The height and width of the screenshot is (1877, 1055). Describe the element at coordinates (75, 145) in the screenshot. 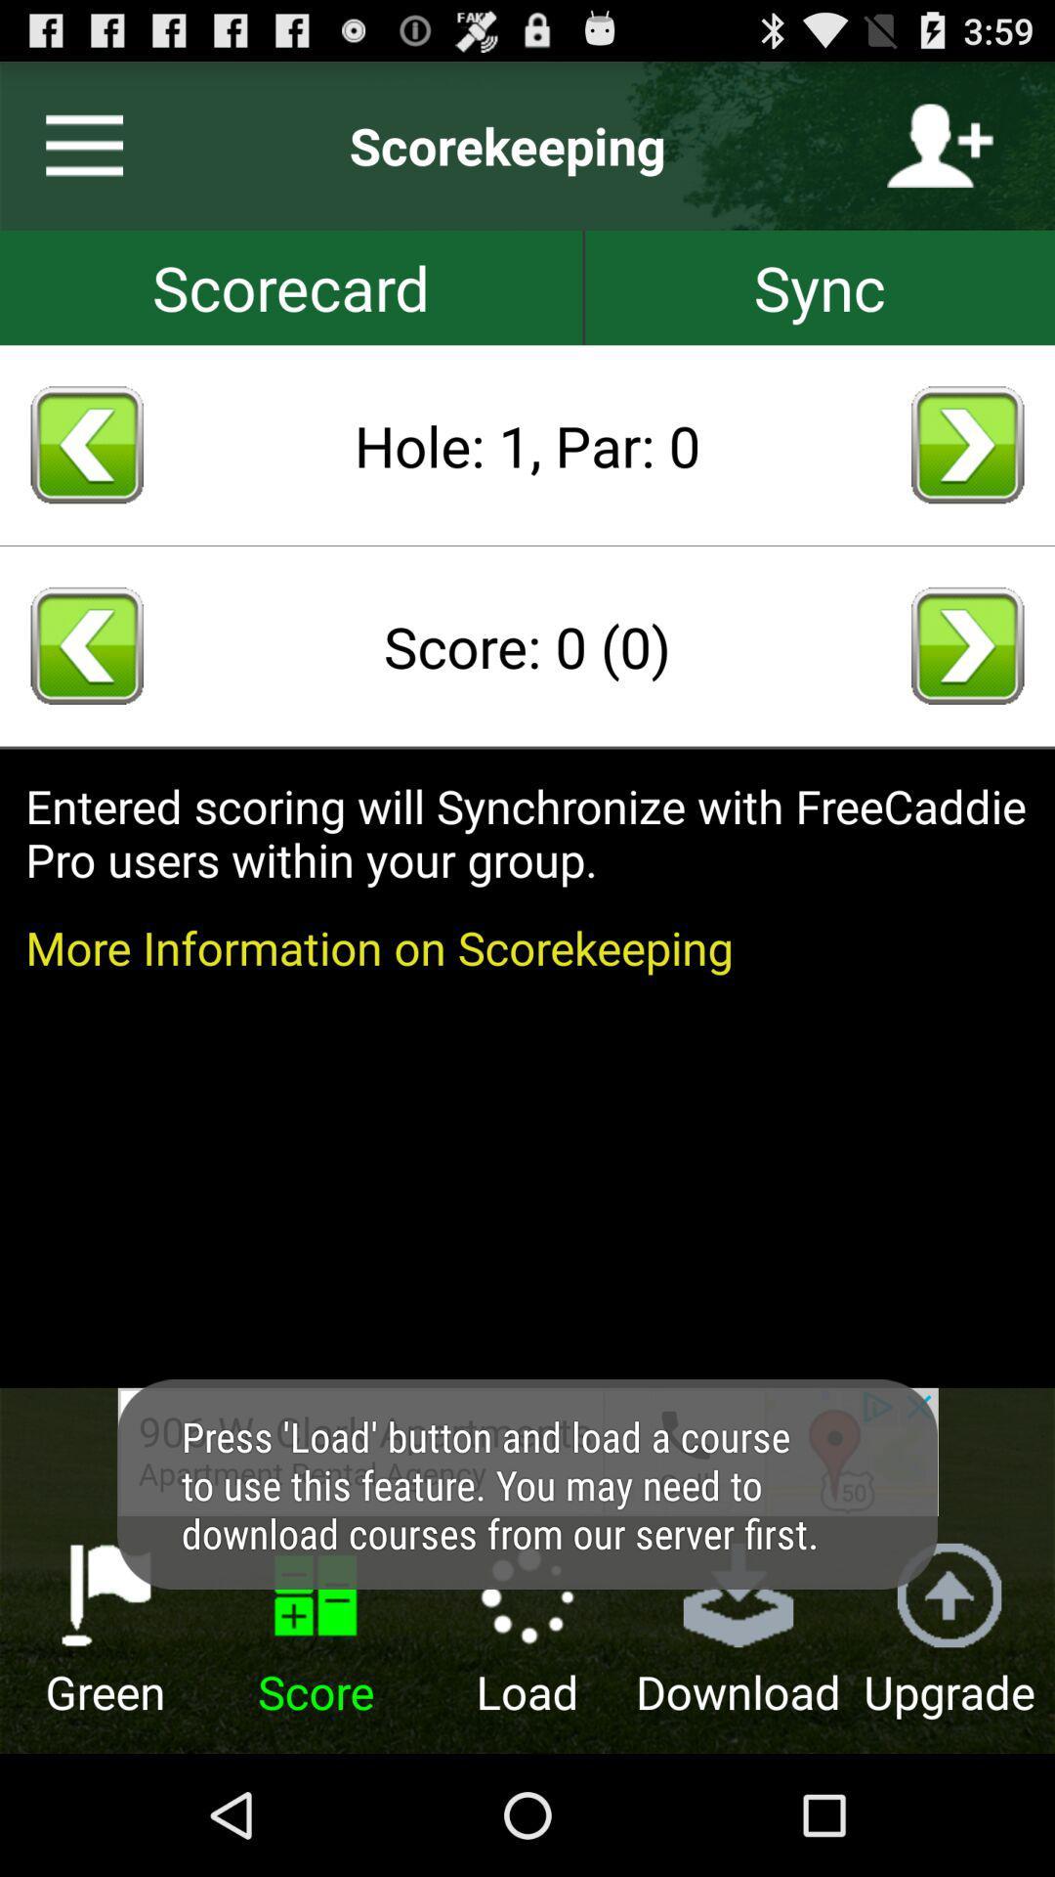

I see `menu` at that location.